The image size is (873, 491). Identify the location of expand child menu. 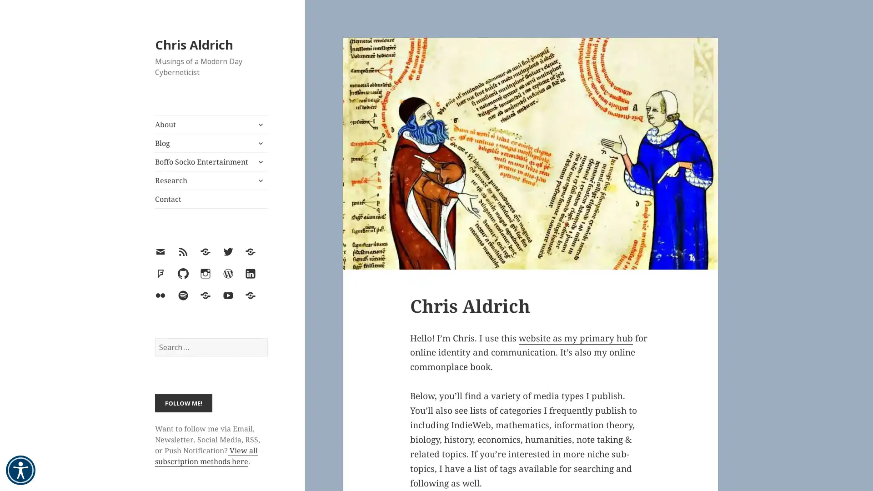
(259, 180).